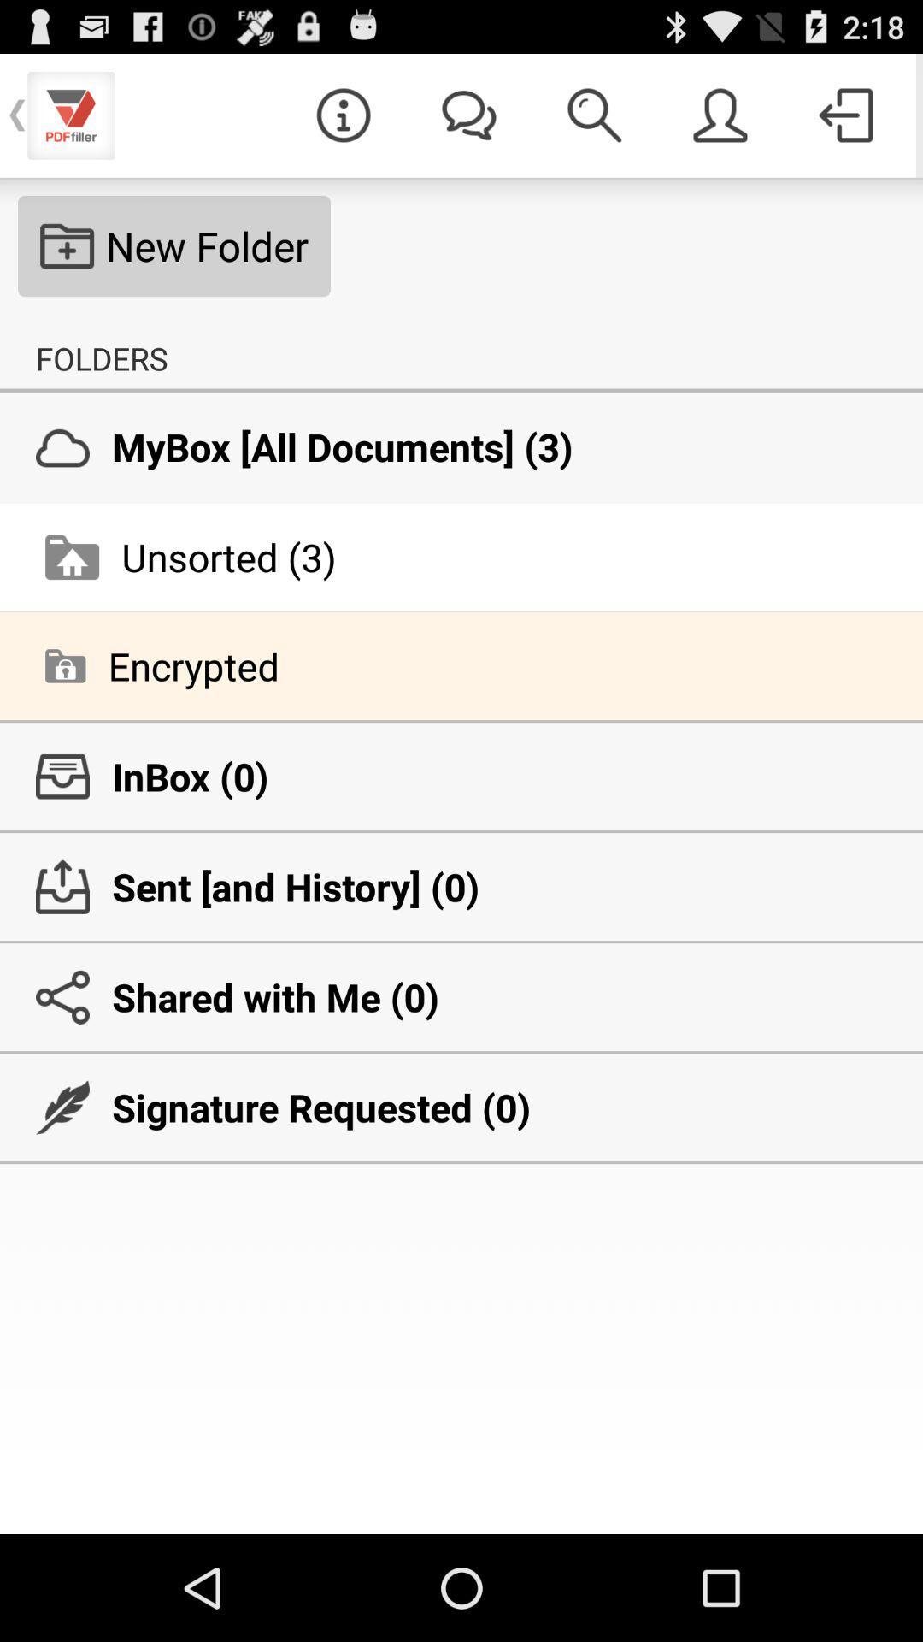  What do you see at coordinates (461, 1107) in the screenshot?
I see `the signature requested (0) item` at bounding box center [461, 1107].